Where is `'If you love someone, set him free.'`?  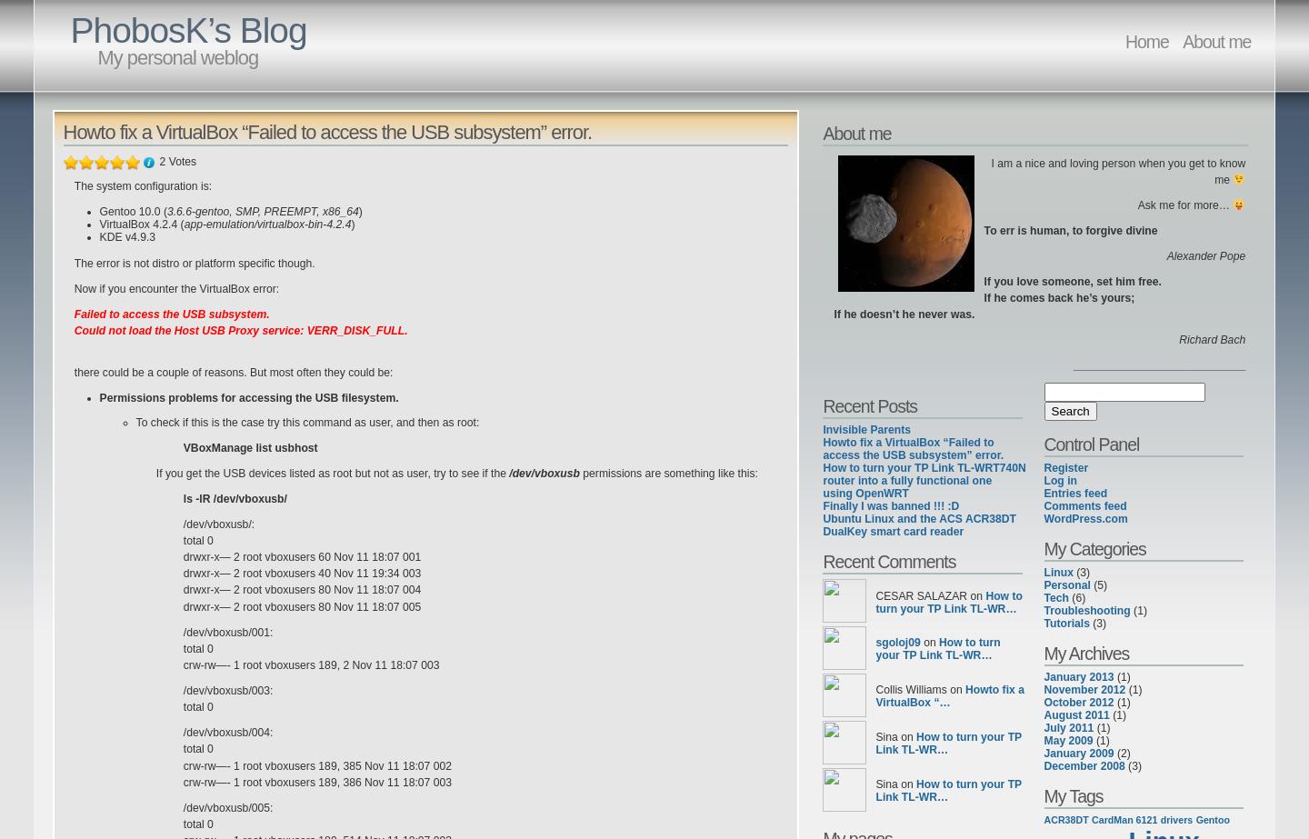 'If you love someone, set him free.' is located at coordinates (983, 281).